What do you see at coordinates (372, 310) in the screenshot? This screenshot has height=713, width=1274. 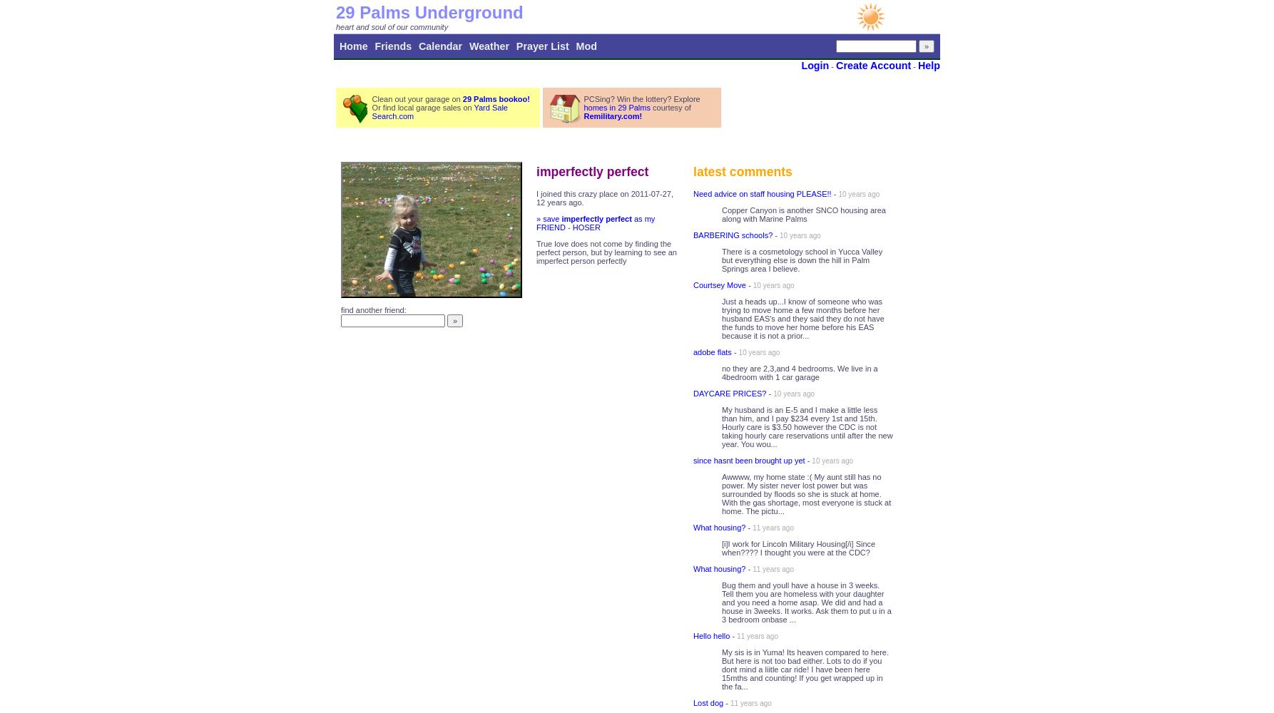 I see `'find another friend:'` at bounding box center [372, 310].